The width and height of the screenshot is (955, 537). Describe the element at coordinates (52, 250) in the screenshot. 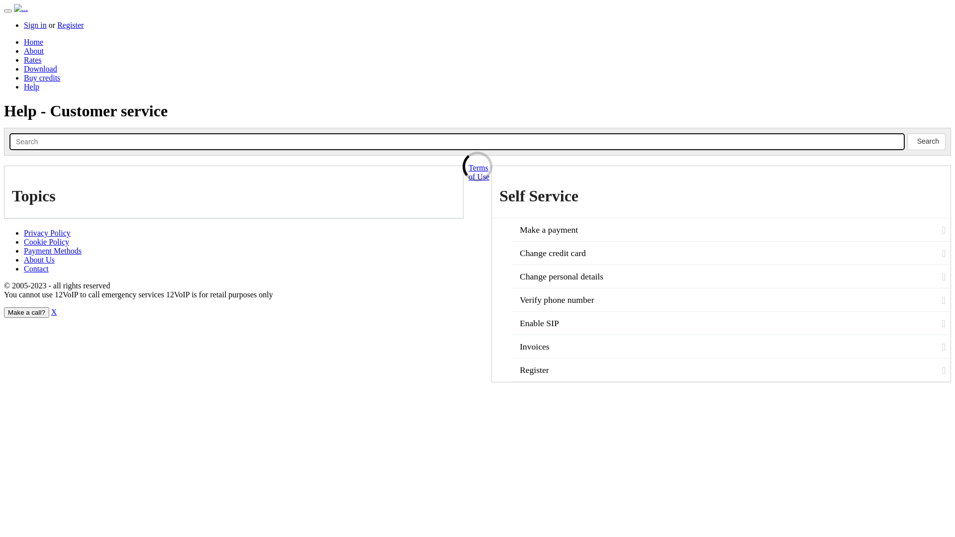

I see `'Payment Methods'` at that location.